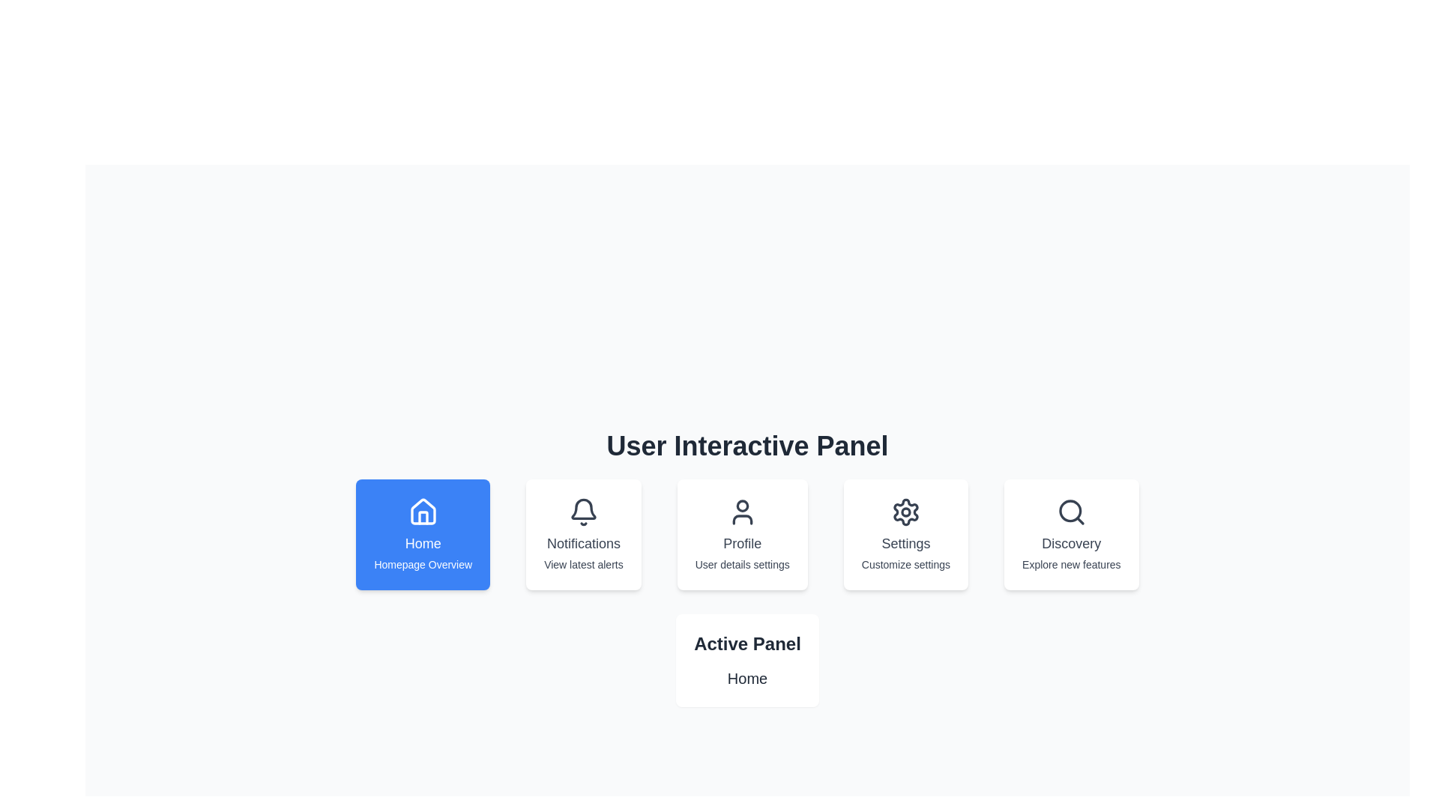 This screenshot has width=1439, height=809. Describe the element at coordinates (742, 543) in the screenshot. I see `the 'Profile' text label, which is a bold text label positioned below a user icon in the center of the second item of a horizontal grid` at that location.